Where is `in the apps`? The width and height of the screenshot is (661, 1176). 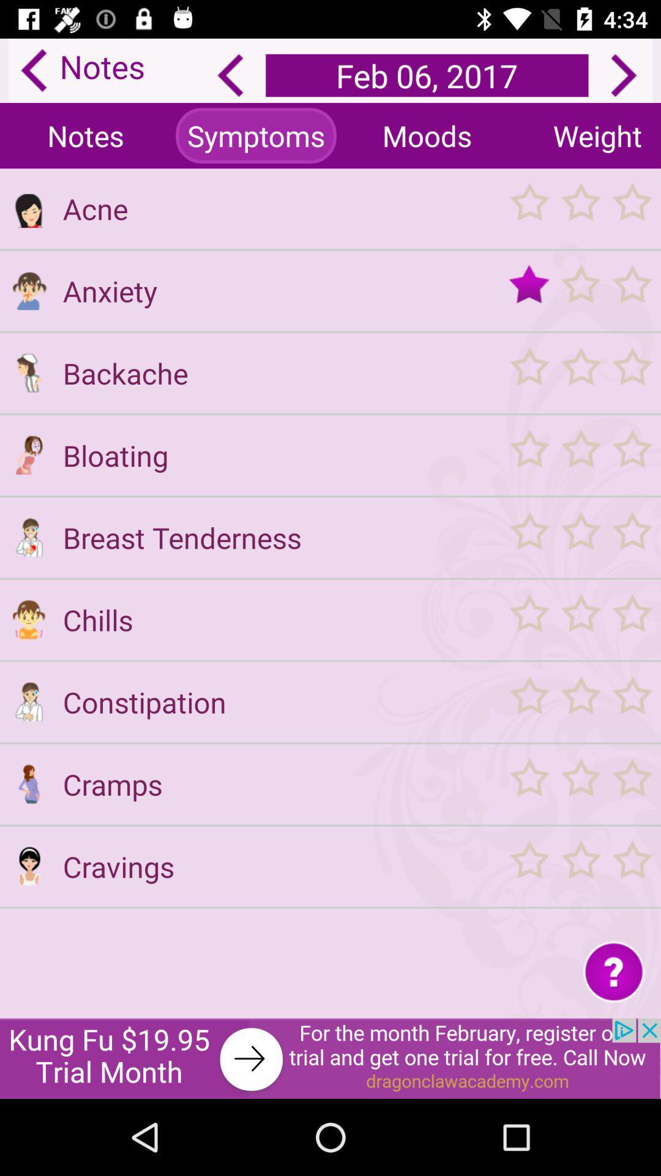 in the apps is located at coordinates (28, 923).